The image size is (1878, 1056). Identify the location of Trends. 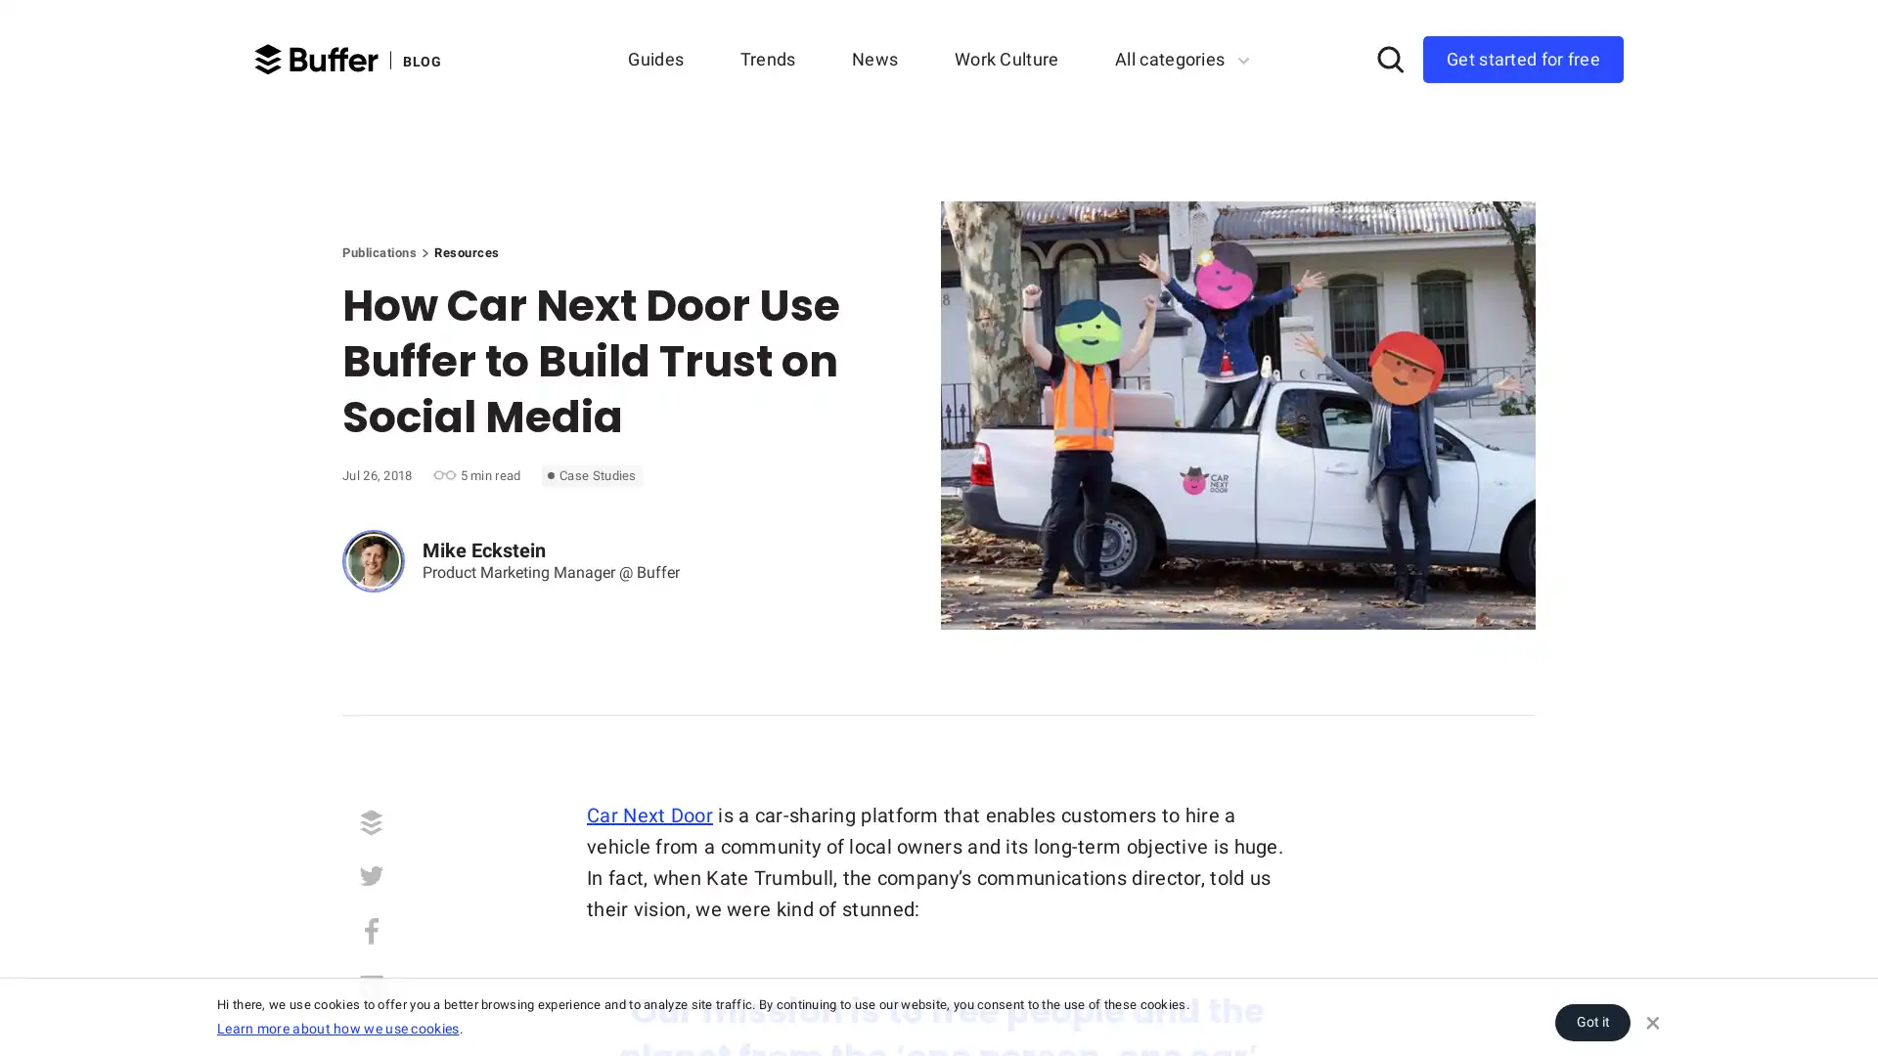
(766, 59).